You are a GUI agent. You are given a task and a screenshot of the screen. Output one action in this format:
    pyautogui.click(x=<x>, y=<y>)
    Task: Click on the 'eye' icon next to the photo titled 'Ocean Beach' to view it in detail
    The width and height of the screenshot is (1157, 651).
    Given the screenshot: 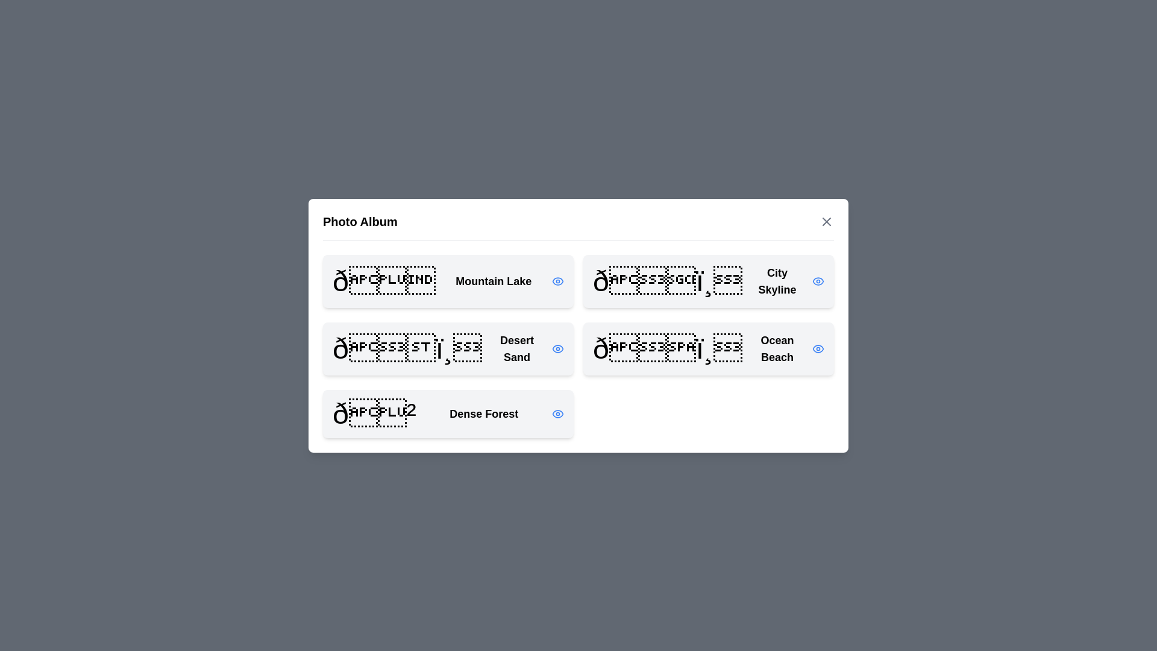 What is the action you would take?
    pyautogui.click(x=818, y=348)
    